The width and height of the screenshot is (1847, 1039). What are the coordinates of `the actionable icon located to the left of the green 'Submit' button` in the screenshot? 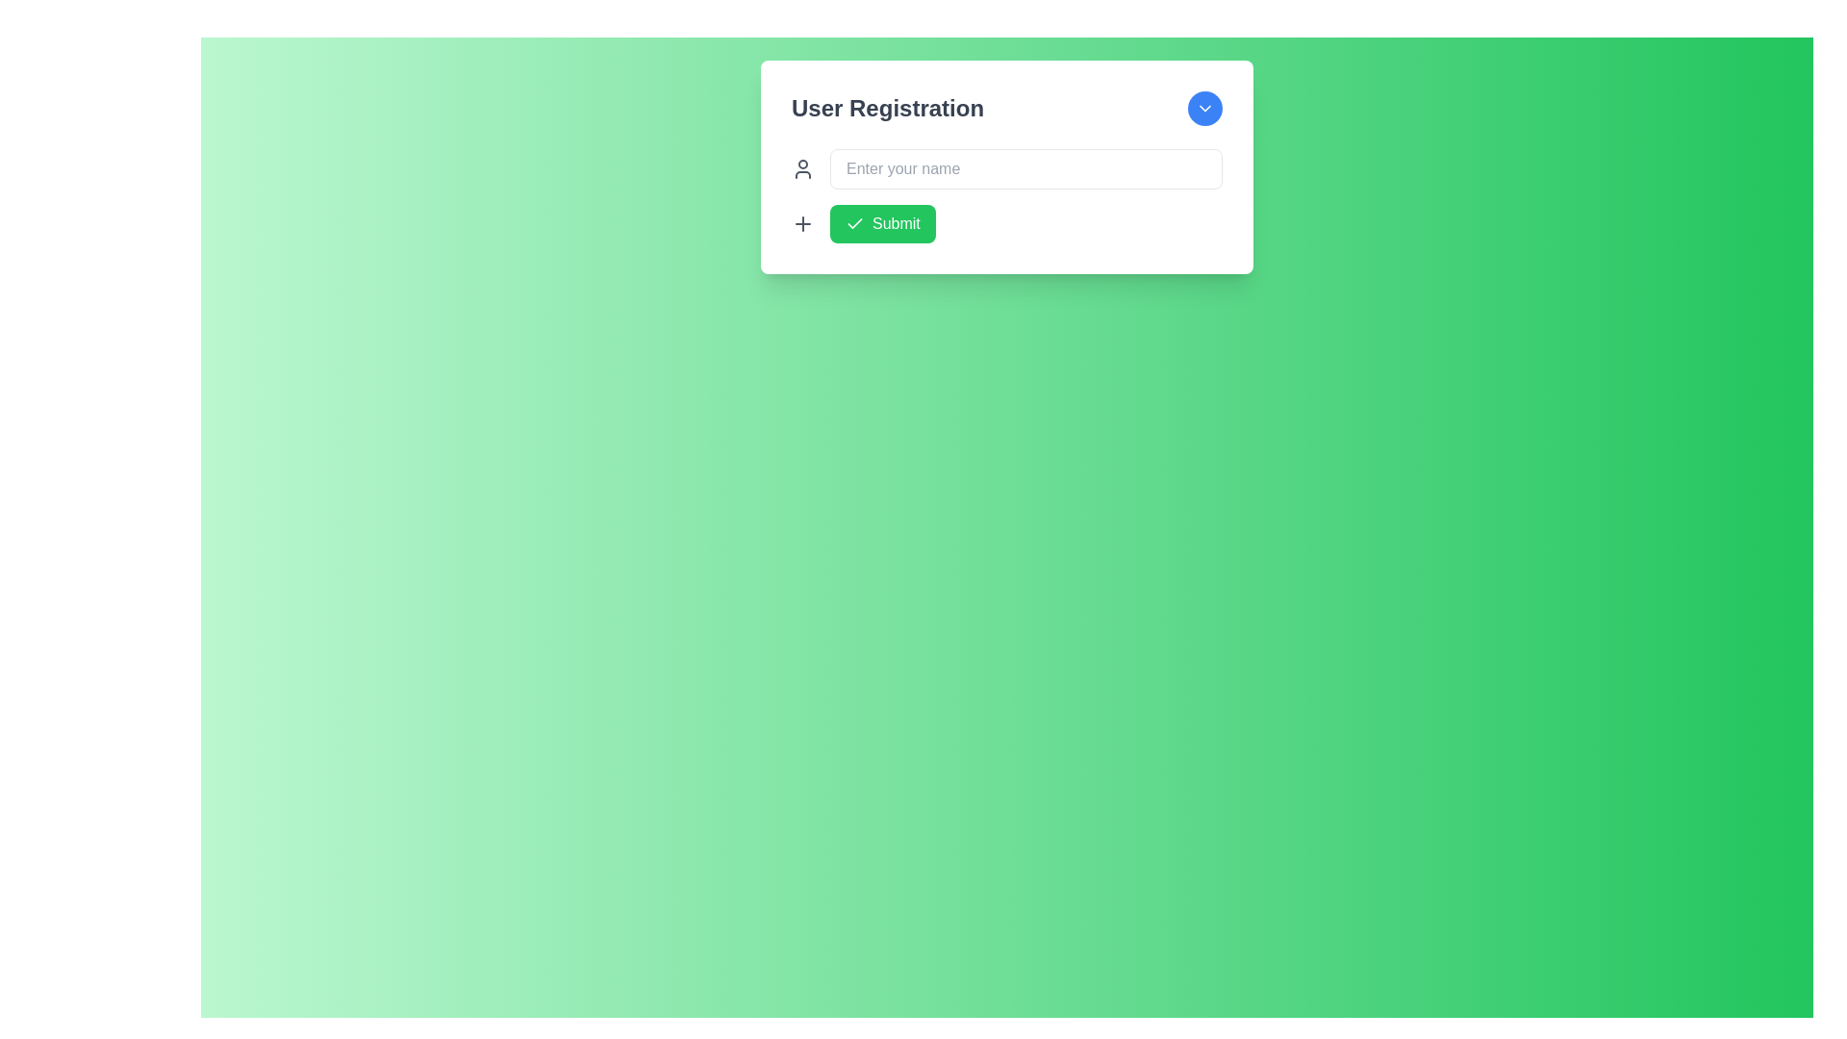 It's located at (803, 222).